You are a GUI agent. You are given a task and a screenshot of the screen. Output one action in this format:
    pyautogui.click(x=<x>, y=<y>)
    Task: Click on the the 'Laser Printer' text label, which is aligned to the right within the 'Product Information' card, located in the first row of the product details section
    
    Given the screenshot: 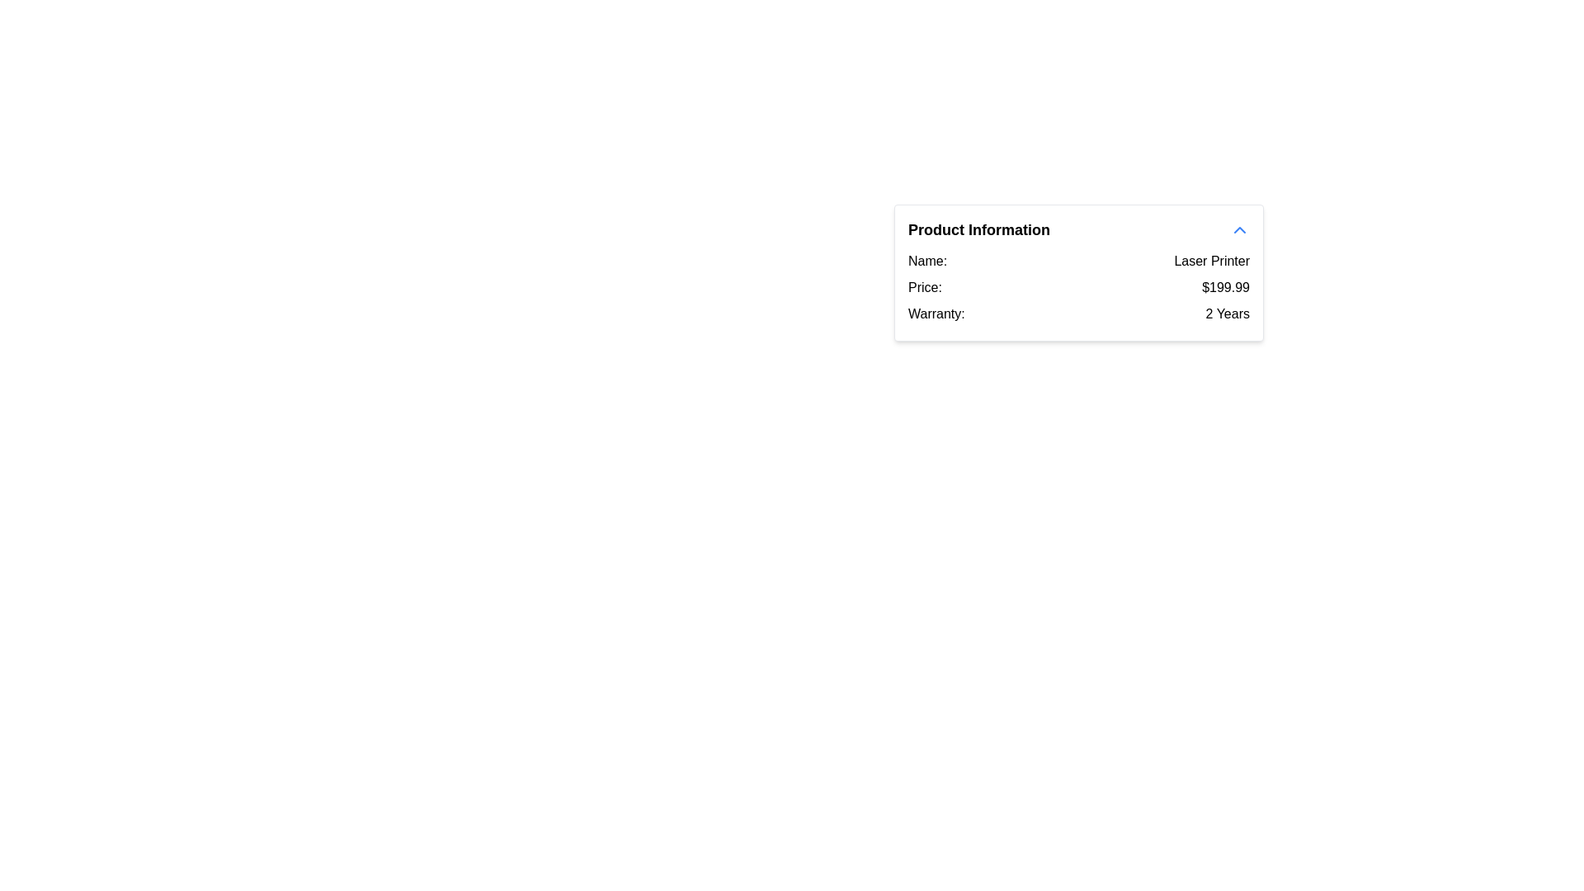 What is the action you would take?
    pyautogui.click(x=1212, y=260)
    